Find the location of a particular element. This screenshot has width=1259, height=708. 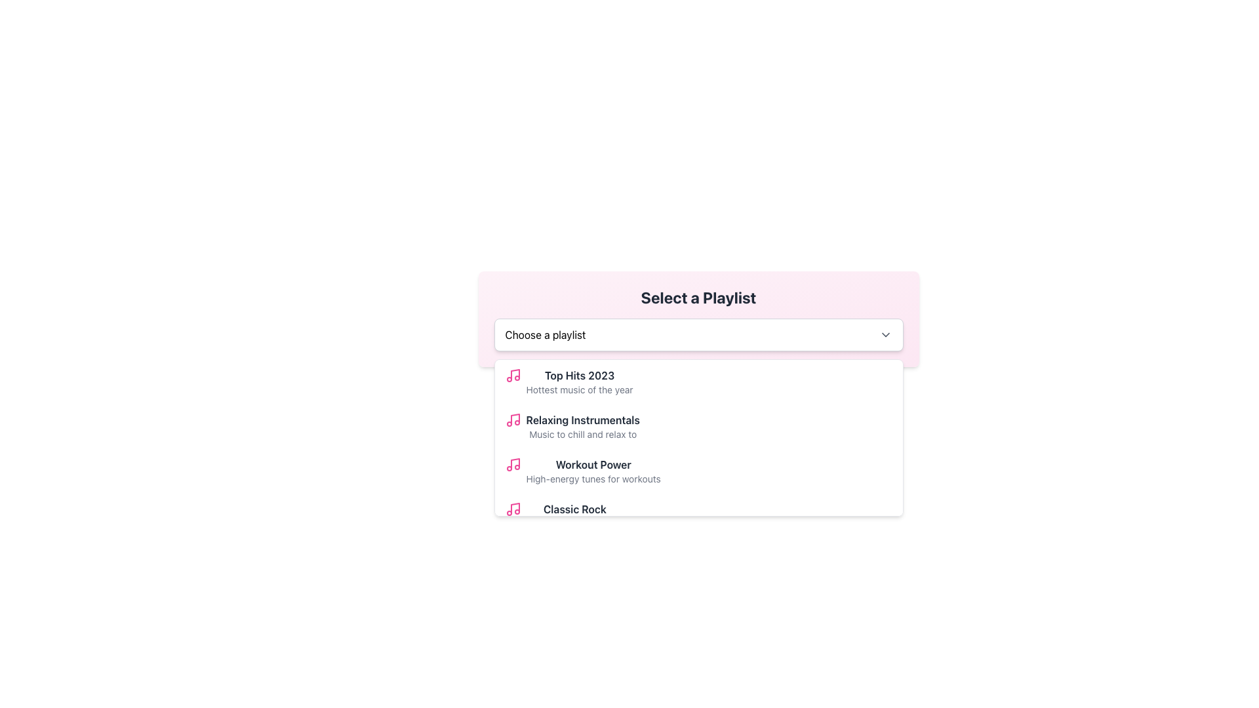

the 'Workout Power' playlist option in the selectable list is located at coordinates (593, 470).